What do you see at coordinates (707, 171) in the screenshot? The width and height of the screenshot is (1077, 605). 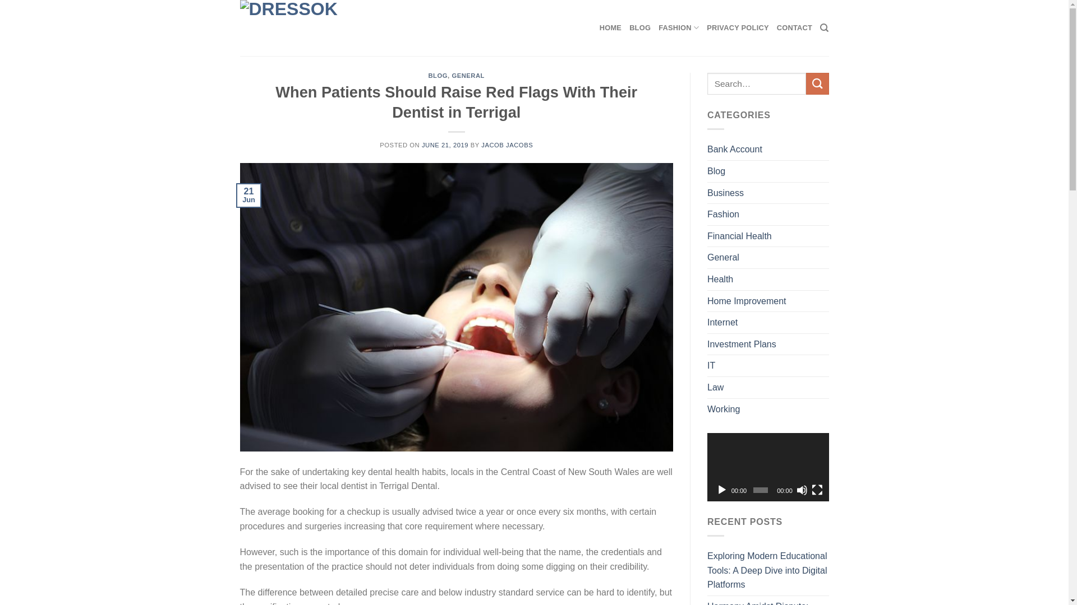 I see `'Blog'` at bounding box center [707, 171].